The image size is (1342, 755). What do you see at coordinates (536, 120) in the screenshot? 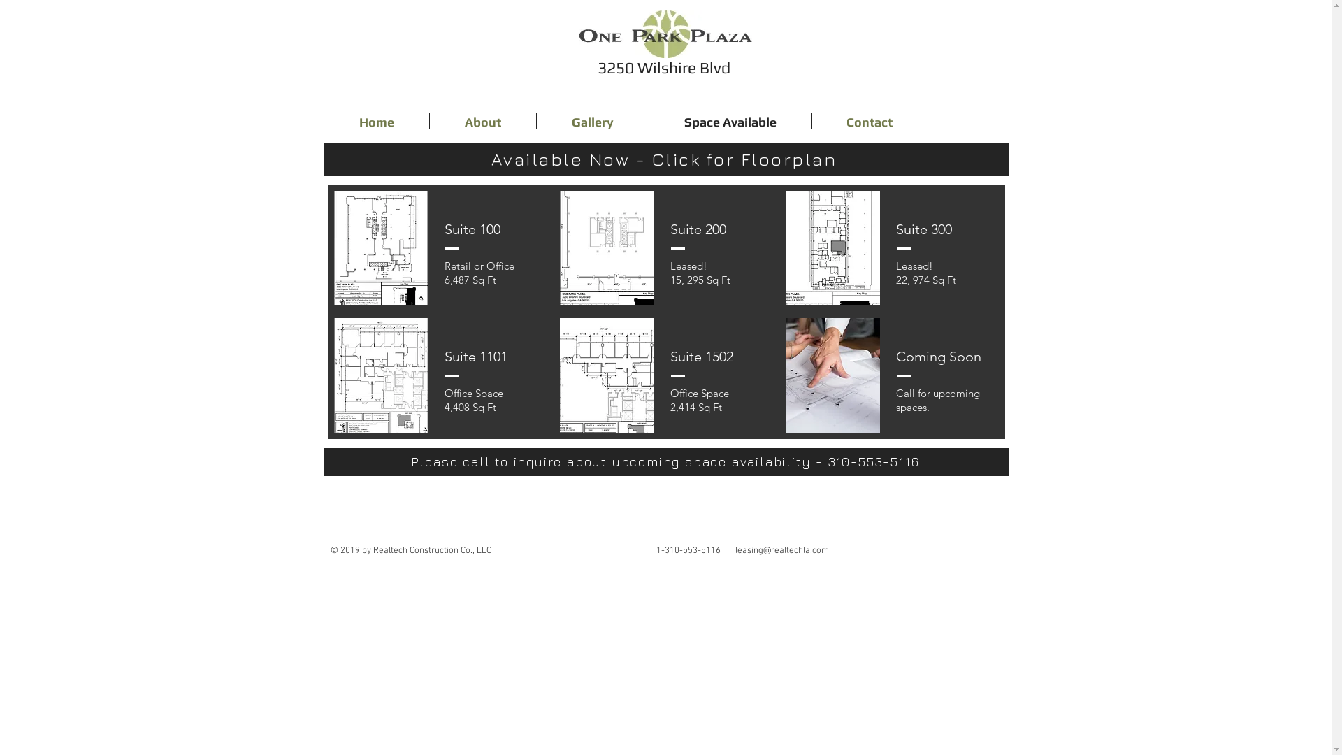
I see `'Gallery'` at bounding box center [536, 120].